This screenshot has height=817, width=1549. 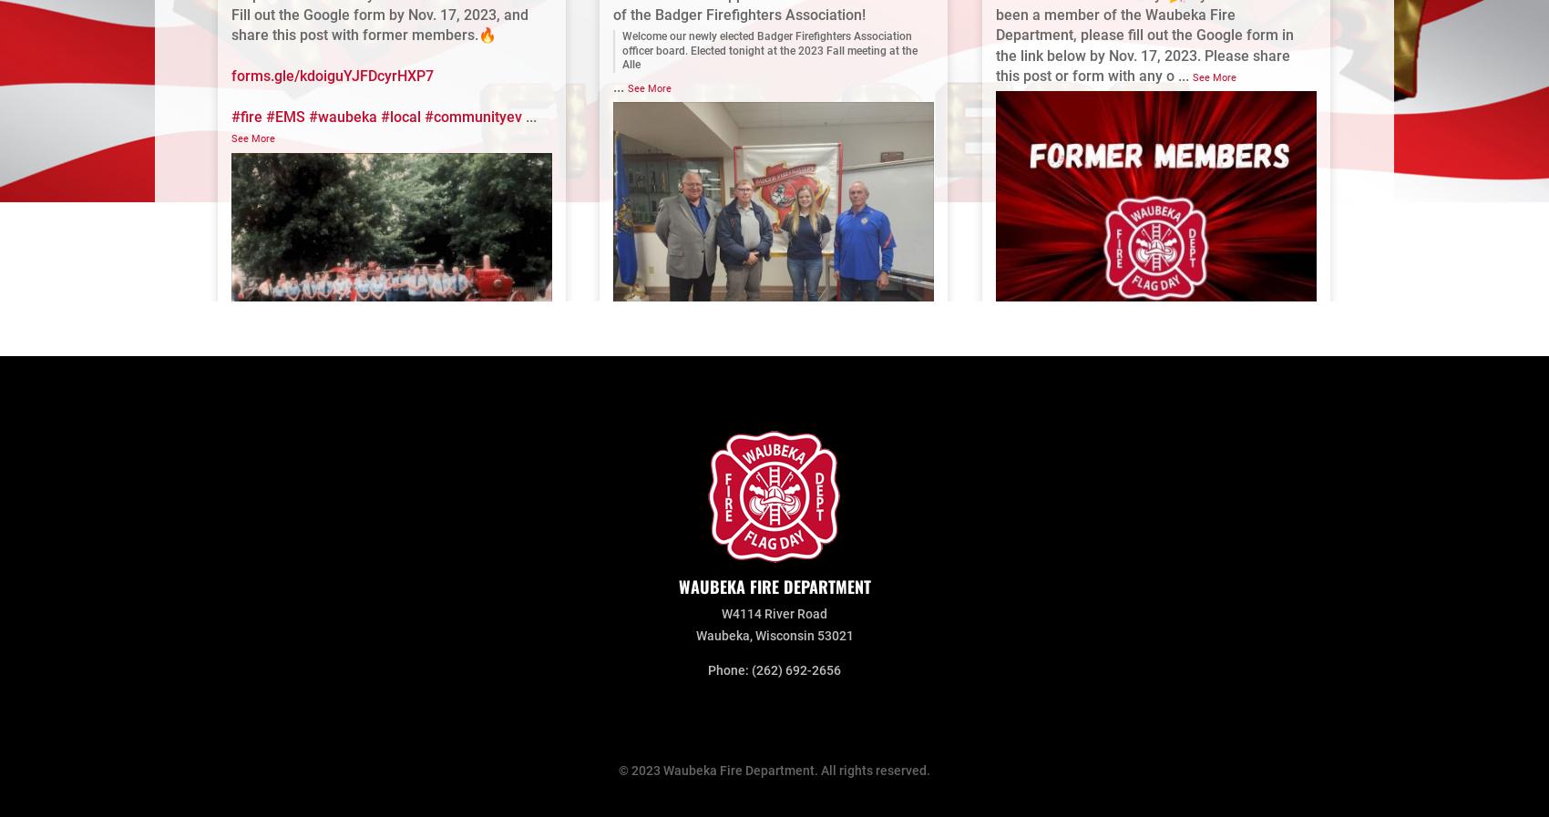 What do you see at coordinates (721, 614) in the screenshot?
I see `'W4114 River Road'` at bounding box center [721, 614].